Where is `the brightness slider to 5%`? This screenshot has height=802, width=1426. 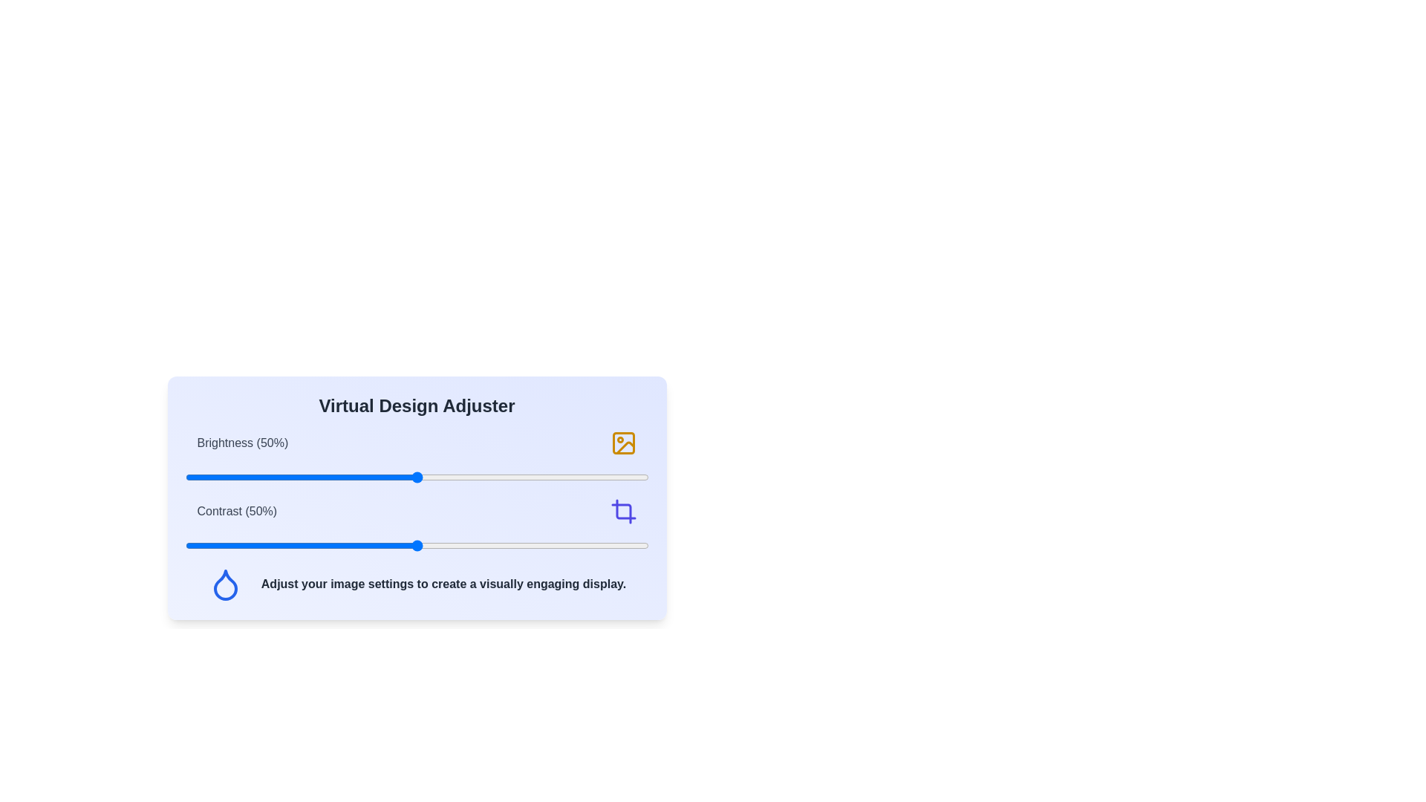 the brightness slider to 5% is located at coordinates (207, 477).